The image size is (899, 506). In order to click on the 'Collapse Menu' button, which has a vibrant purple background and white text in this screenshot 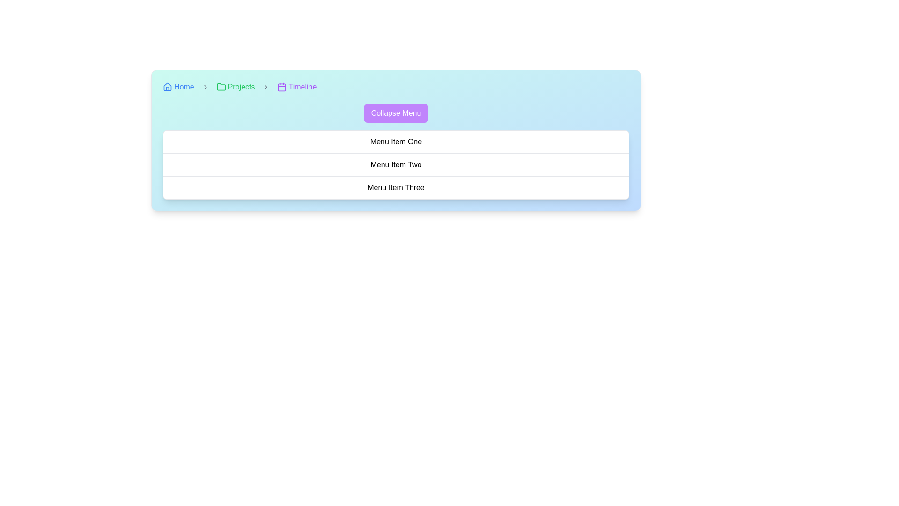, I will do `click(396, 113)`.